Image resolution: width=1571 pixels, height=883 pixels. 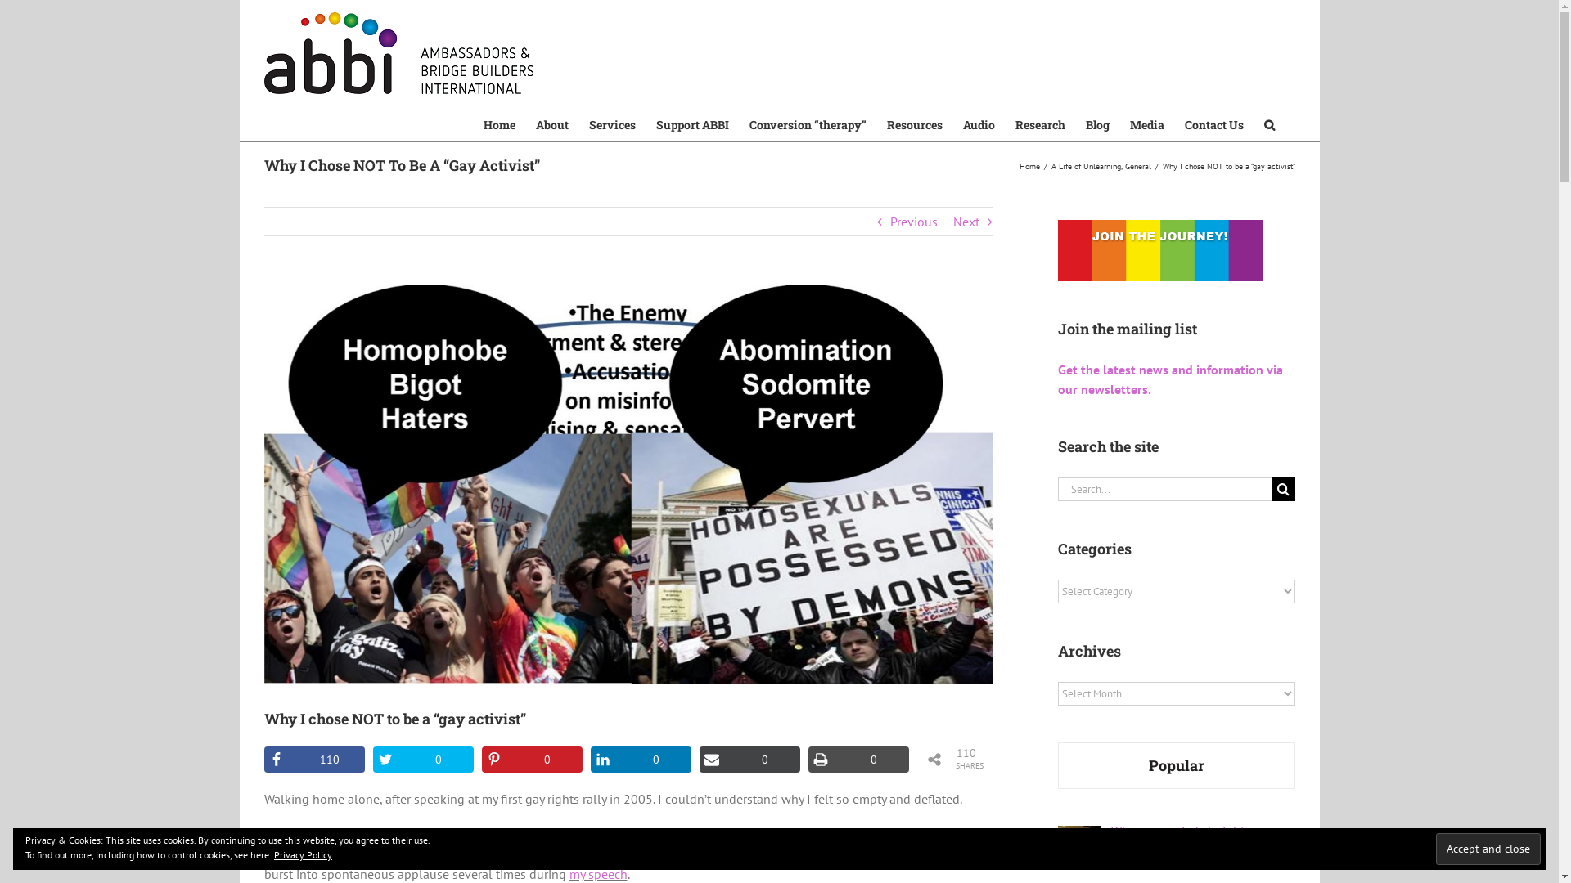 What do you see at coordinates (966, 221) in the screenshot?
I see `'Next'` at bounding box center [966, 221].